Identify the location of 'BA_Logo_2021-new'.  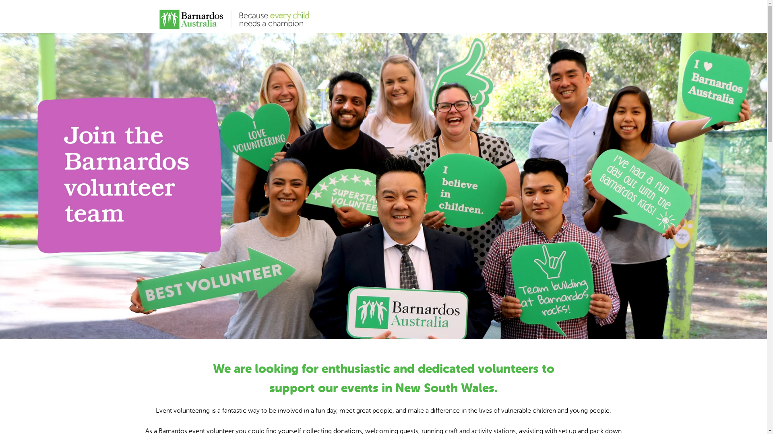
(234, 16).